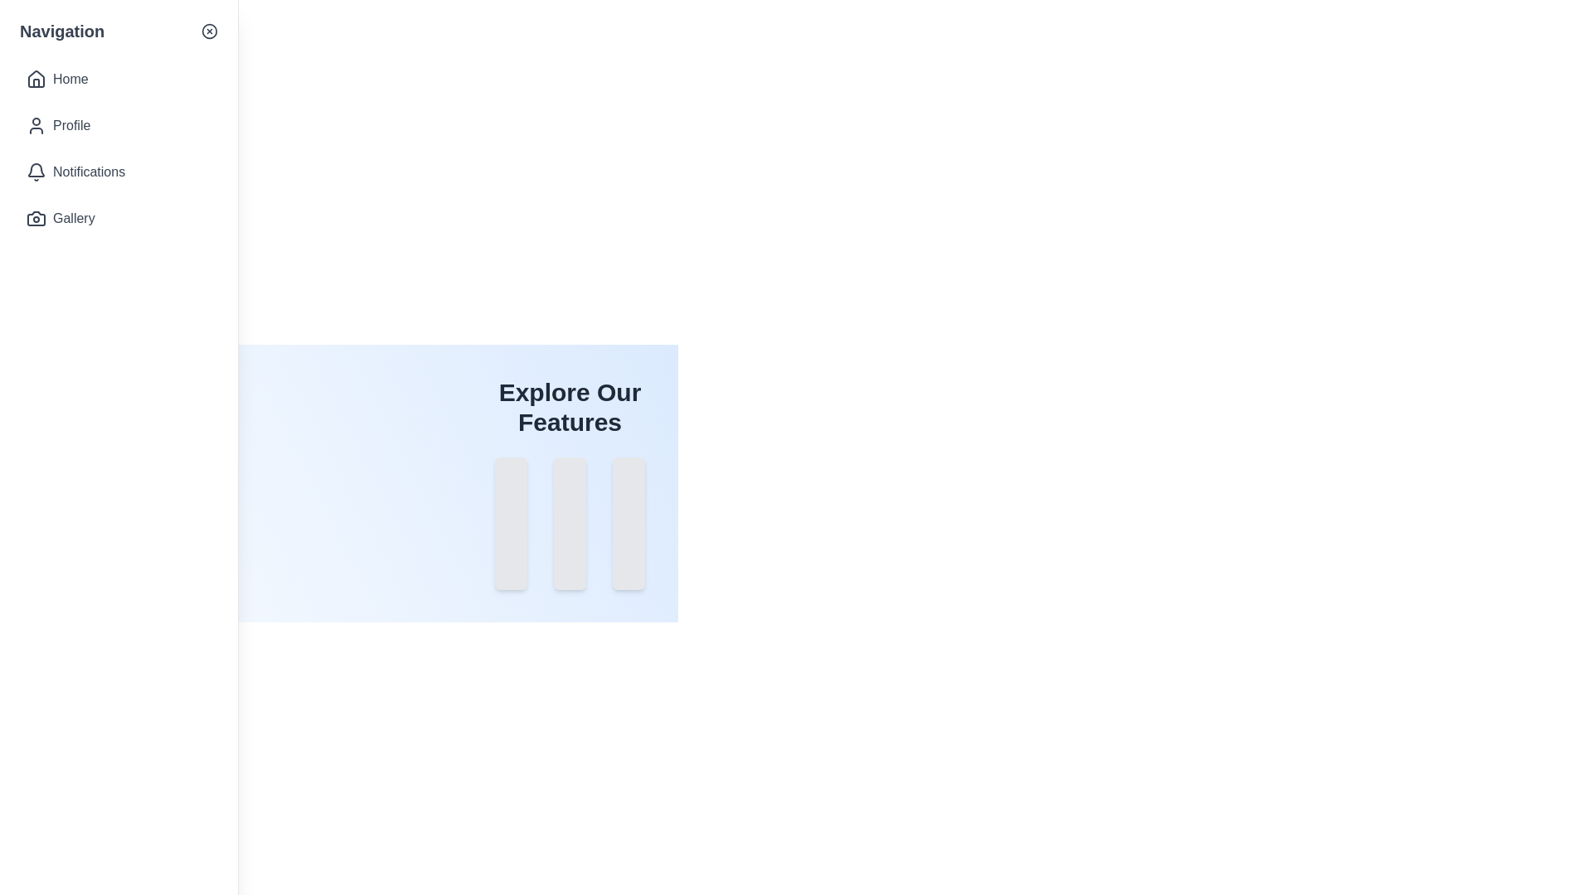  I want to click on the 'Profile' navigation menu item, which is the second item in a vertical list of four items, located directly below 'Home' and above 'Notifications', so click(70, 124).